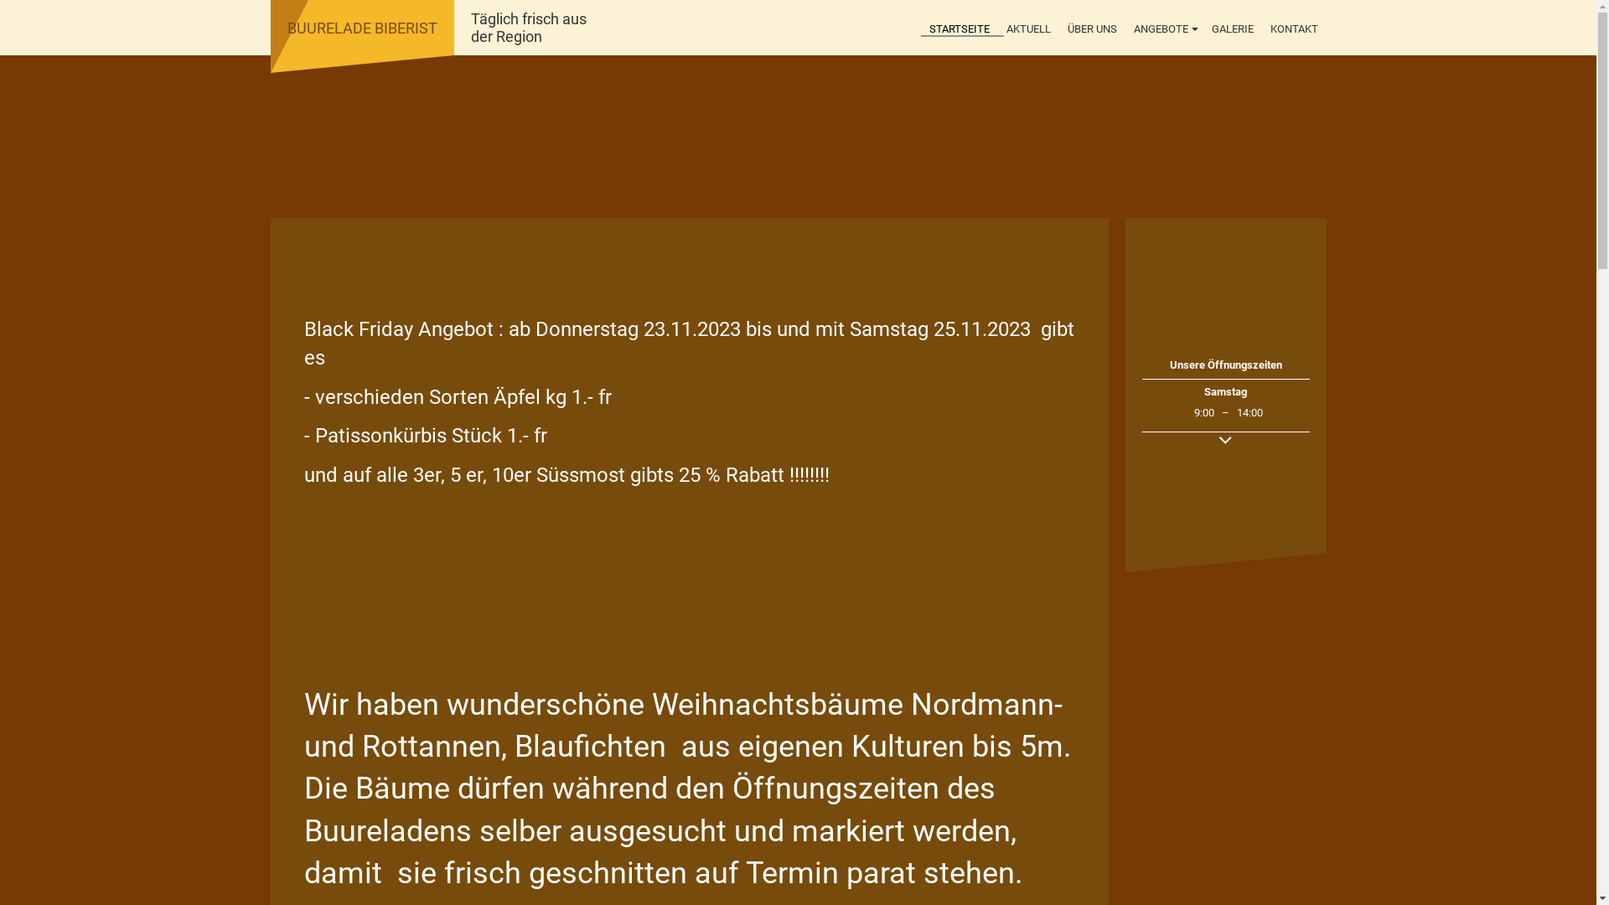  I want to click on 'STARTSEITE', so click(958, 29).